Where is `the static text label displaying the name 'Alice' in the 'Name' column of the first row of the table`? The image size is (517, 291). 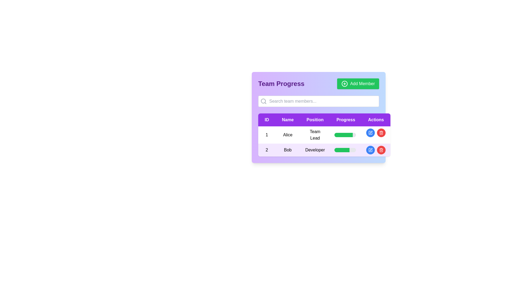 the static text label displaying the name 'Alice' in the 'Name' column of the first row of the table is located at coordinates (287, 135).